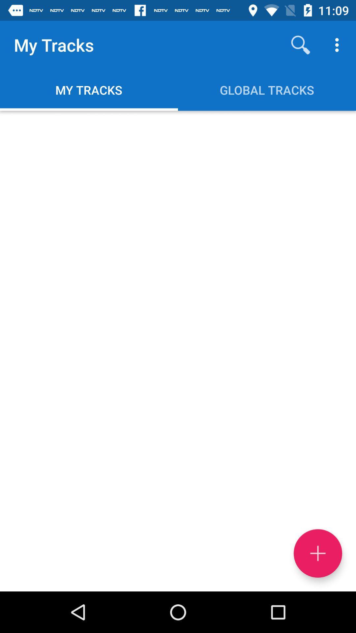 The image size is (356, 633). What do you see at coordinates (178, 351) in the screenshot?
I see `item below the my tracks item` at bounding box center [178, 351].